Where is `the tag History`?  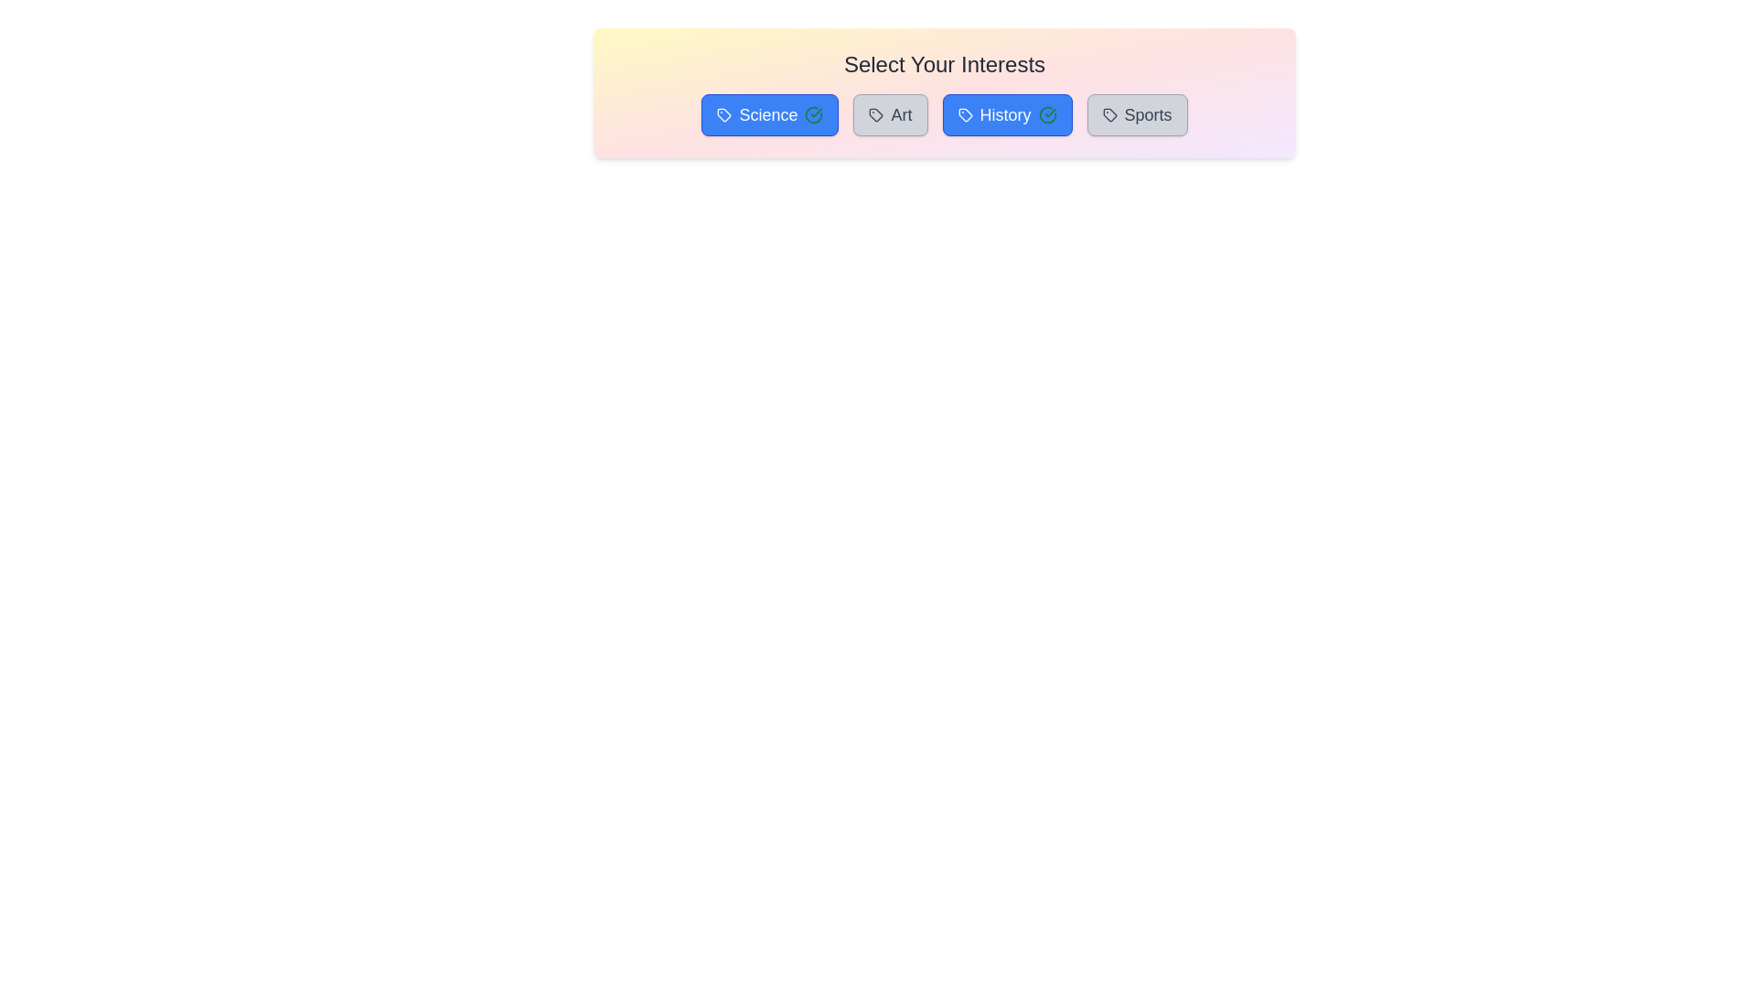
the tag History is located at coordinates (1005, 115).